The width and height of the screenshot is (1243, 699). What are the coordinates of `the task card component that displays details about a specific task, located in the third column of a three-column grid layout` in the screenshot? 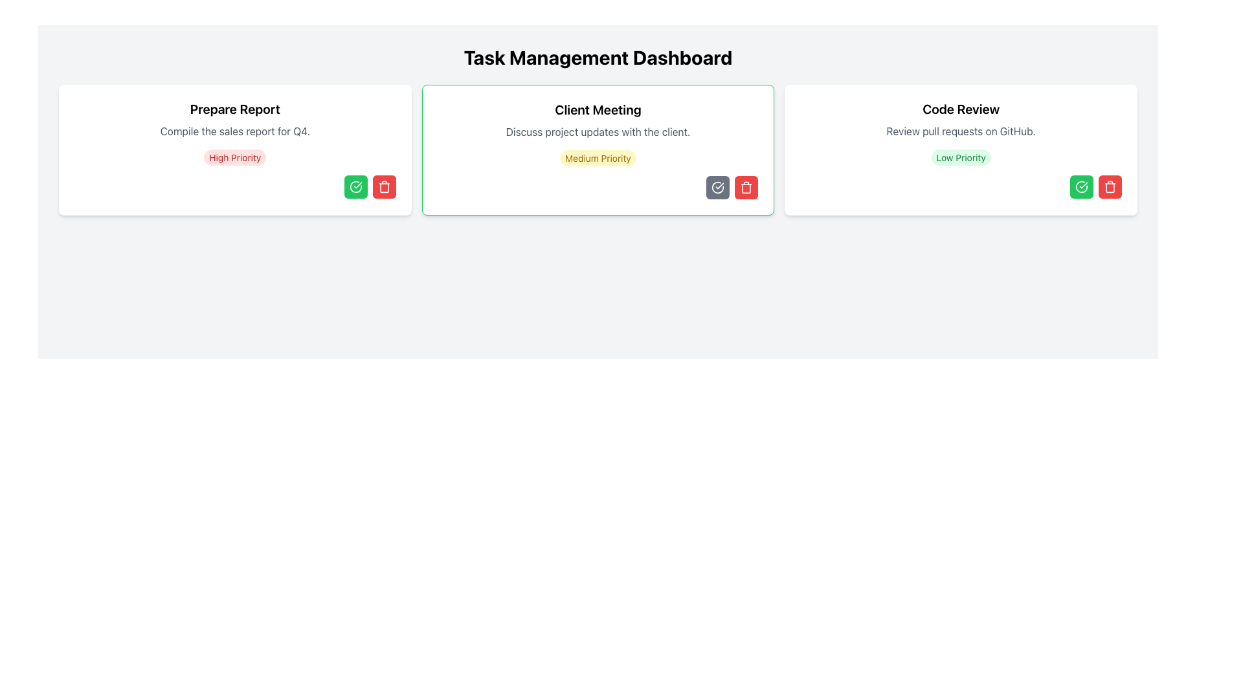 It's located at (961, 149).